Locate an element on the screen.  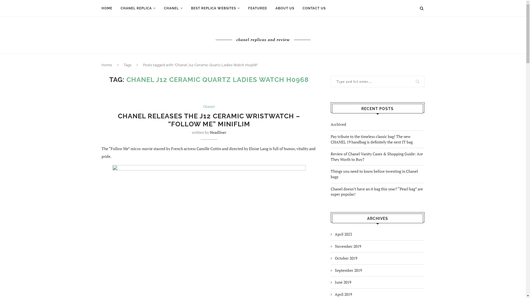
'CHANEL' is located at coordinates (173, 8).